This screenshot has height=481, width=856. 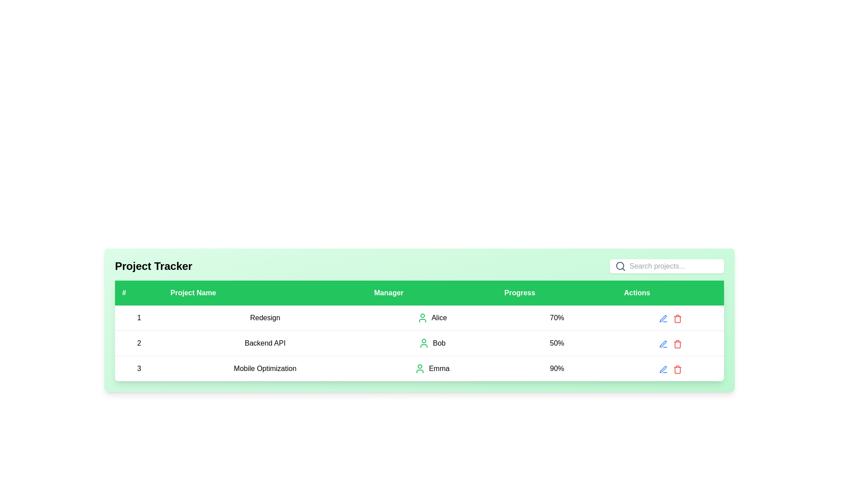 What do you see at coordinates (556, 368) in the screenshot?
I see `the Text display element indicating the progress of the project 'Mobile Optimization'` at bounding box center [556, 368].